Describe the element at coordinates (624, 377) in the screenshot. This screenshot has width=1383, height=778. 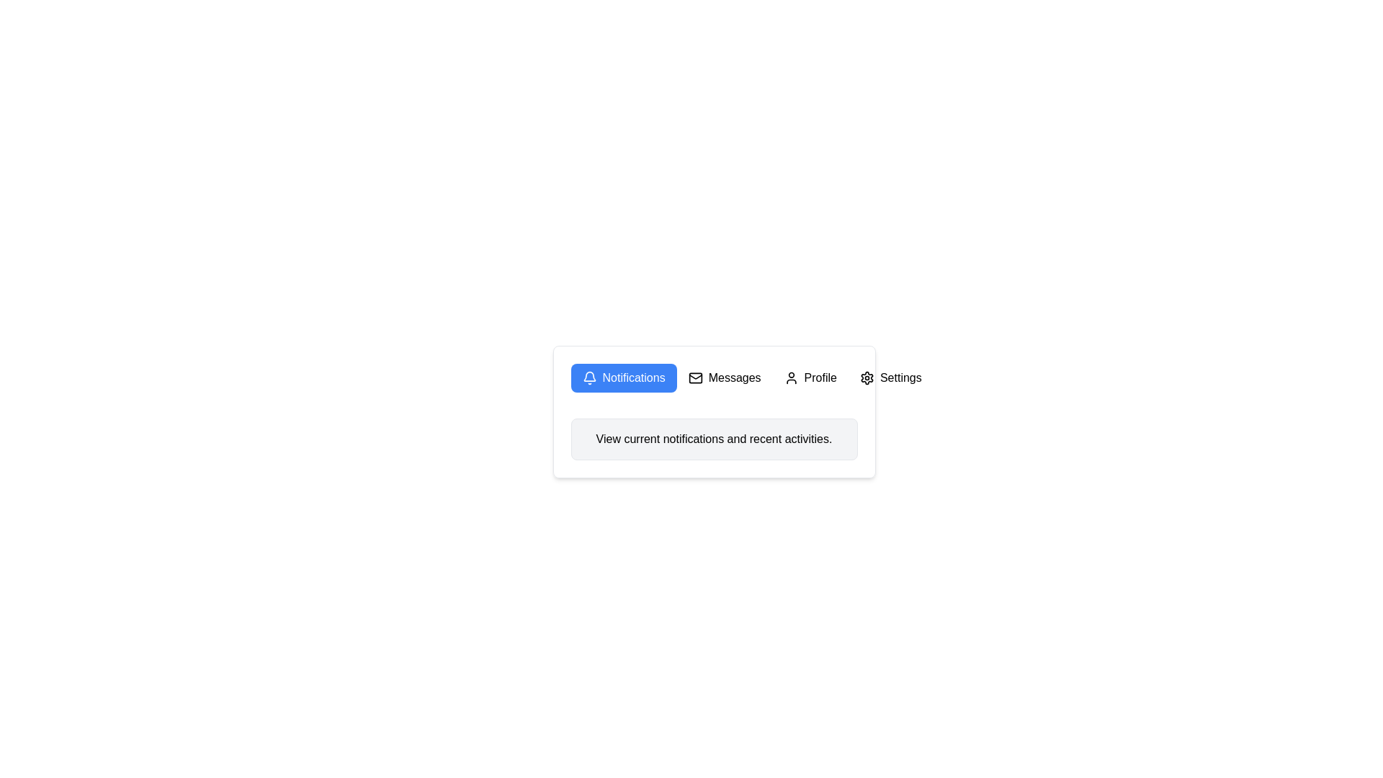
I see `the first button on the far left of the horizontal stack` at that location.